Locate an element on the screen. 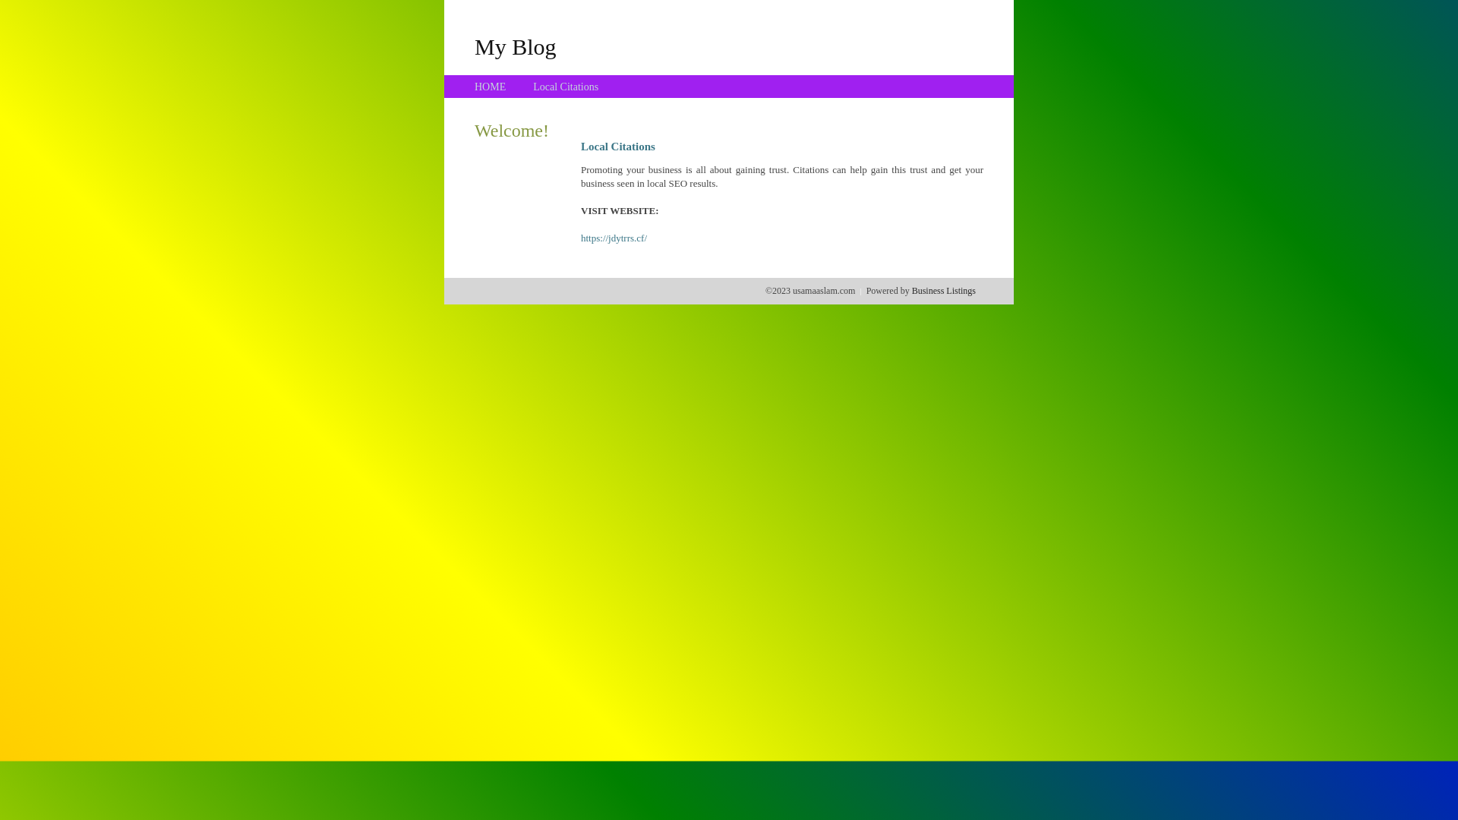 This screenshot has height=820, width=1458. 'My Blog' is located at coordinates (515, 46).